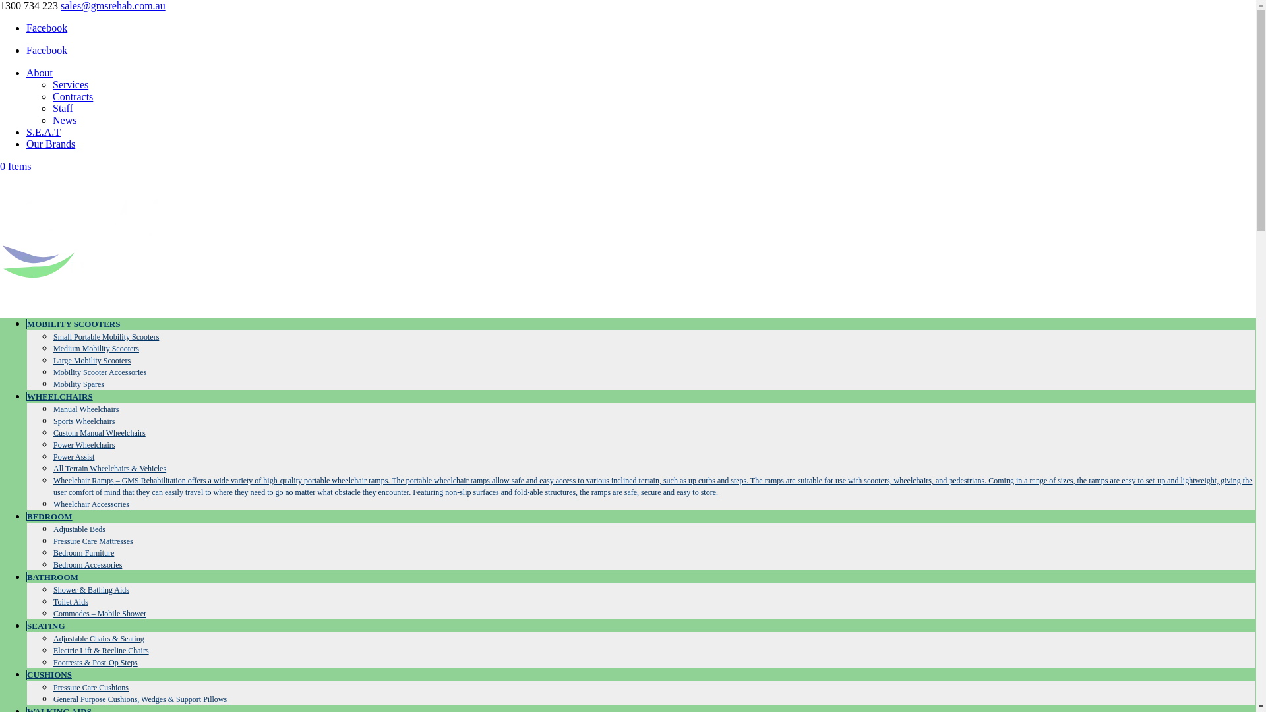 The width and height of the screenshot is (1266, 712). What do you see at coordinates (53, 421) in the screenshot?
I see `'Sports Wheelchairs'` at bounding box center [53, 421].